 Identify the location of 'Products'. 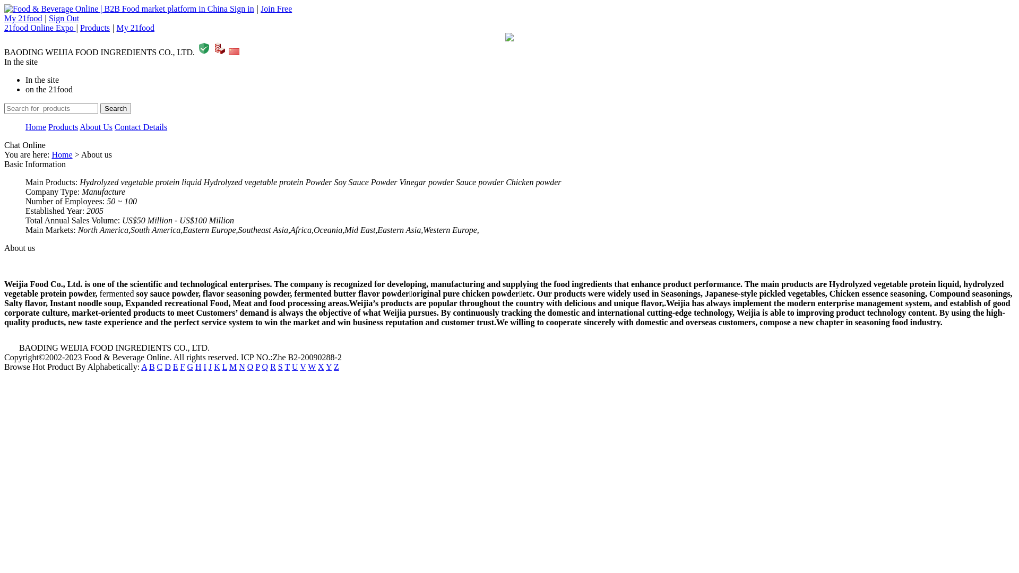
(63, 126).